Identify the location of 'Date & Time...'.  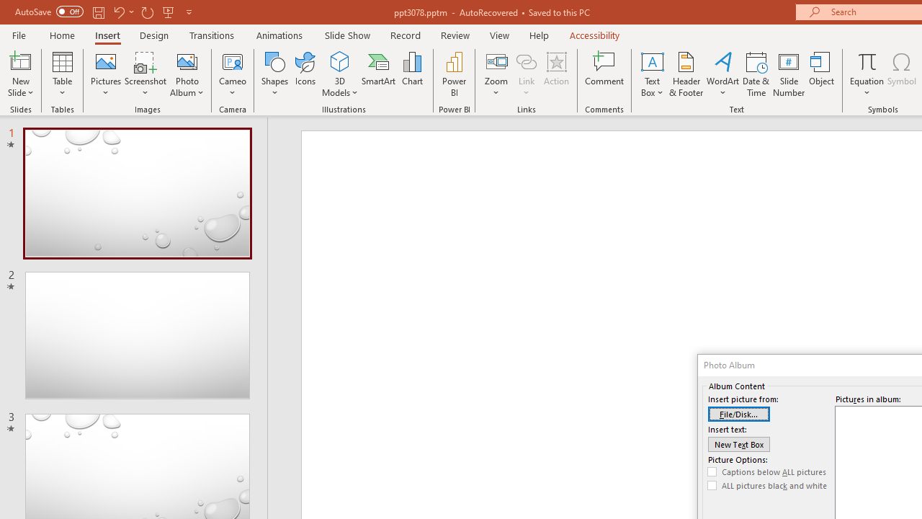
(756, 74).